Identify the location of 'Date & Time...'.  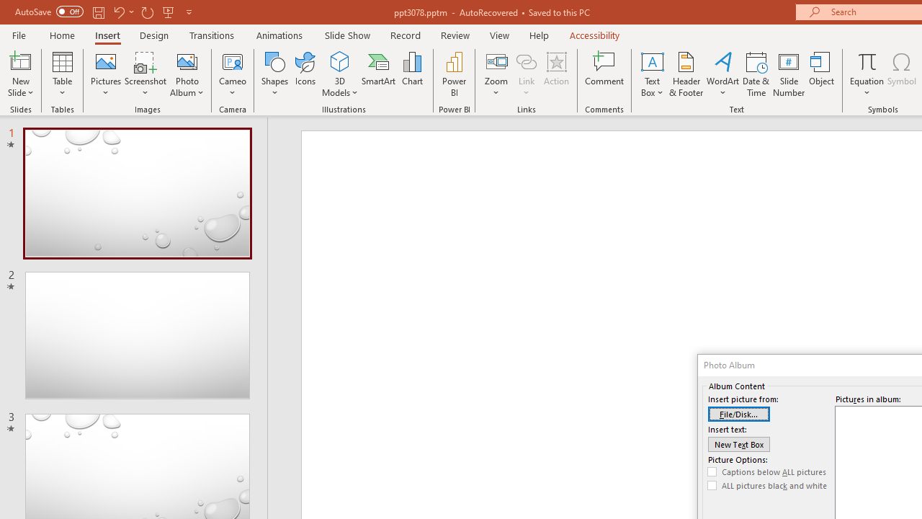
(756, 74).